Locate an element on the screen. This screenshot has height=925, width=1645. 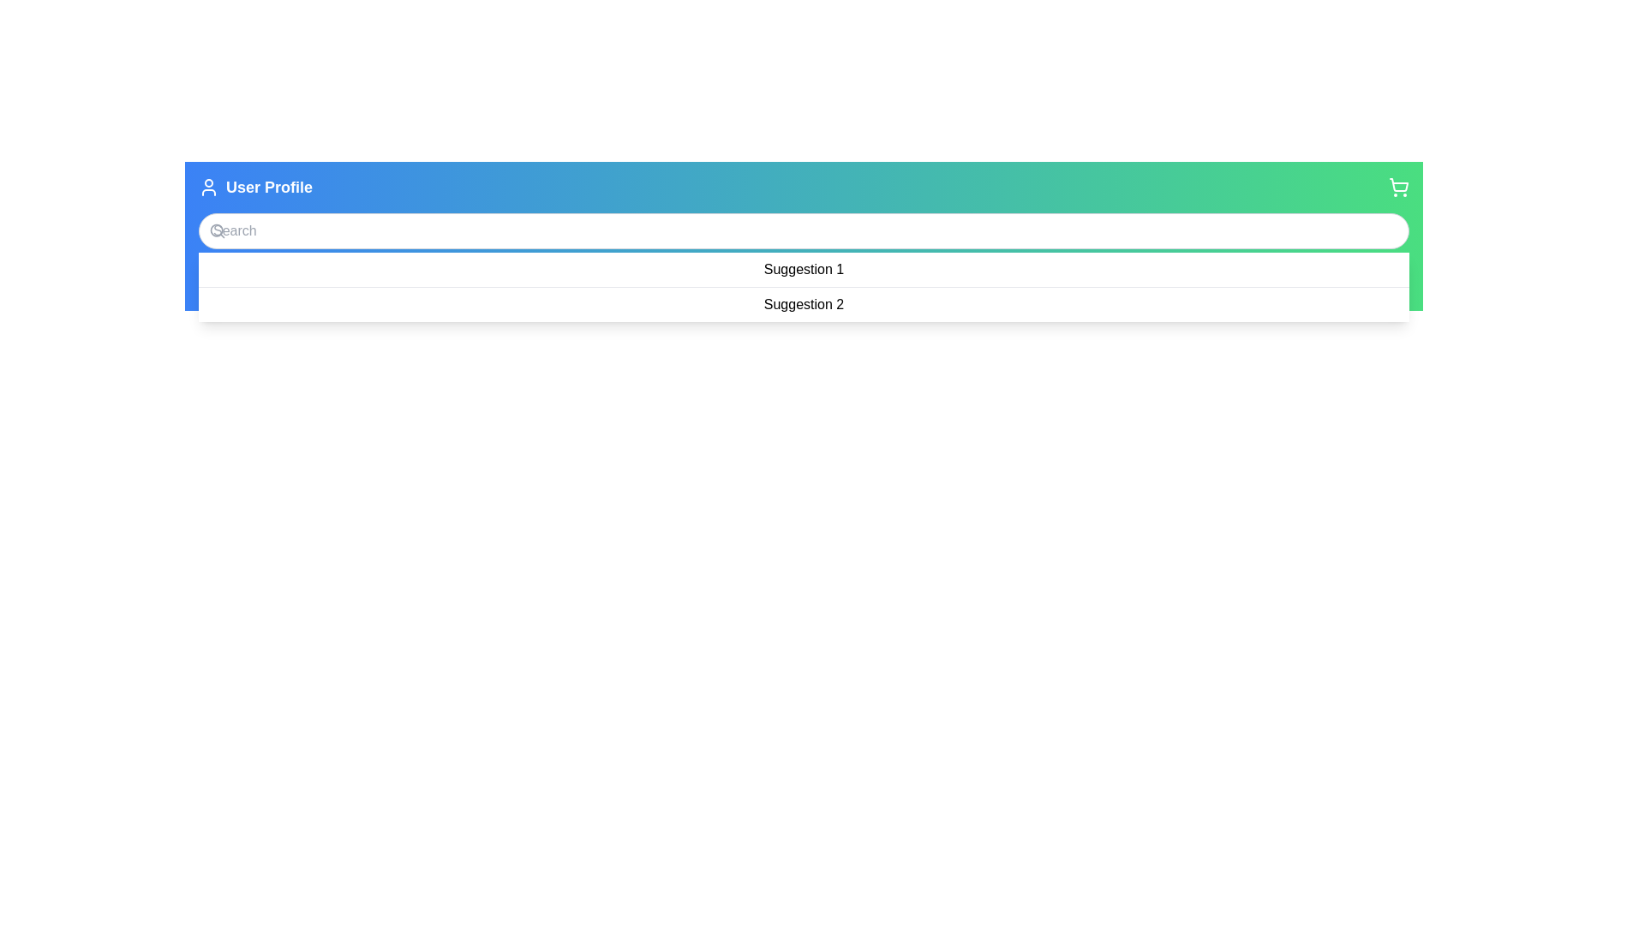
the 'User Profile' label located on the left side of the topmost navigation bar is located at coordinates (254, 188).